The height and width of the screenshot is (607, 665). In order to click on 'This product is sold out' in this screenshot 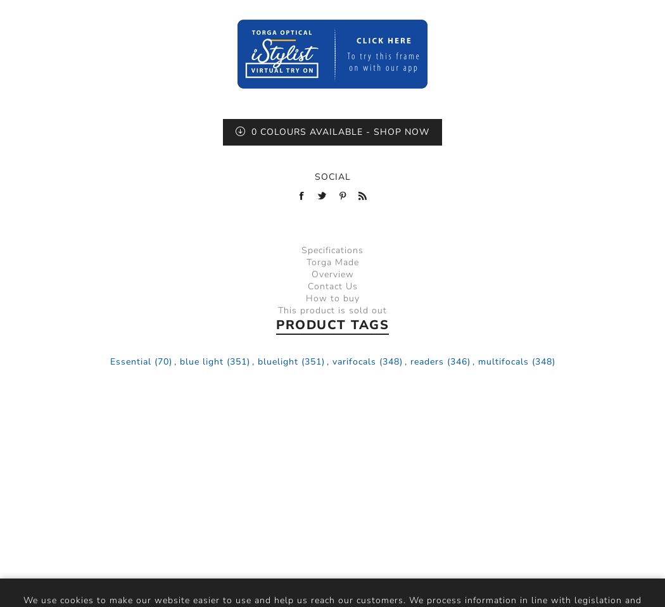, I will do `click(332, 310)`.